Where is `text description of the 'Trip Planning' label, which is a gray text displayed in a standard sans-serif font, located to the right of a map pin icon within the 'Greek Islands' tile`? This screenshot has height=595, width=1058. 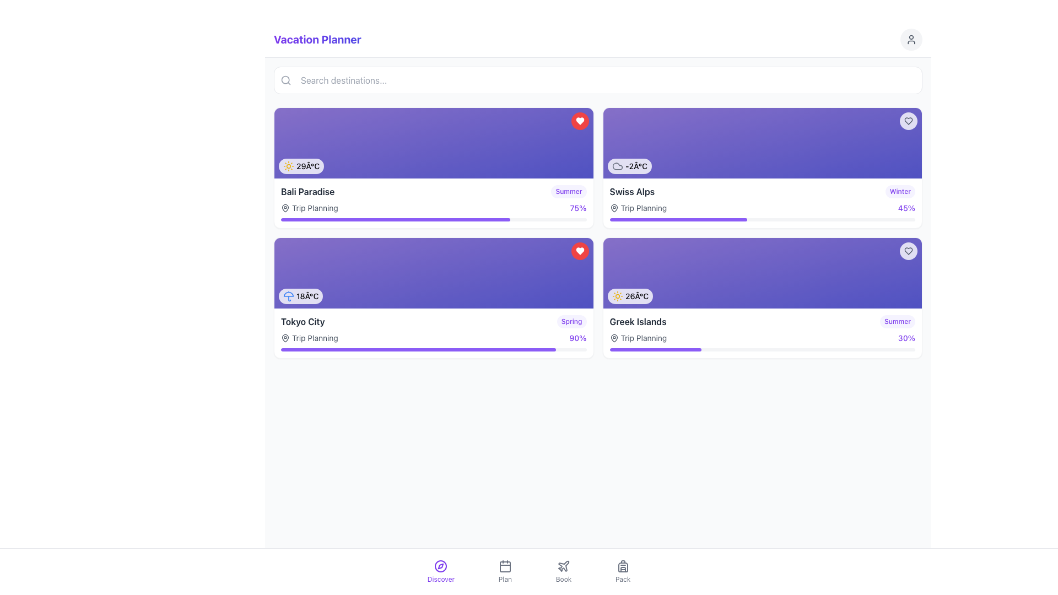
text description of the 'Trip Planning' label, which is a gray text displayed in a standard sans-serif font, located to the right of a map pin icon within the 'Greek Islands' tile is located at coordinates (644, 337).